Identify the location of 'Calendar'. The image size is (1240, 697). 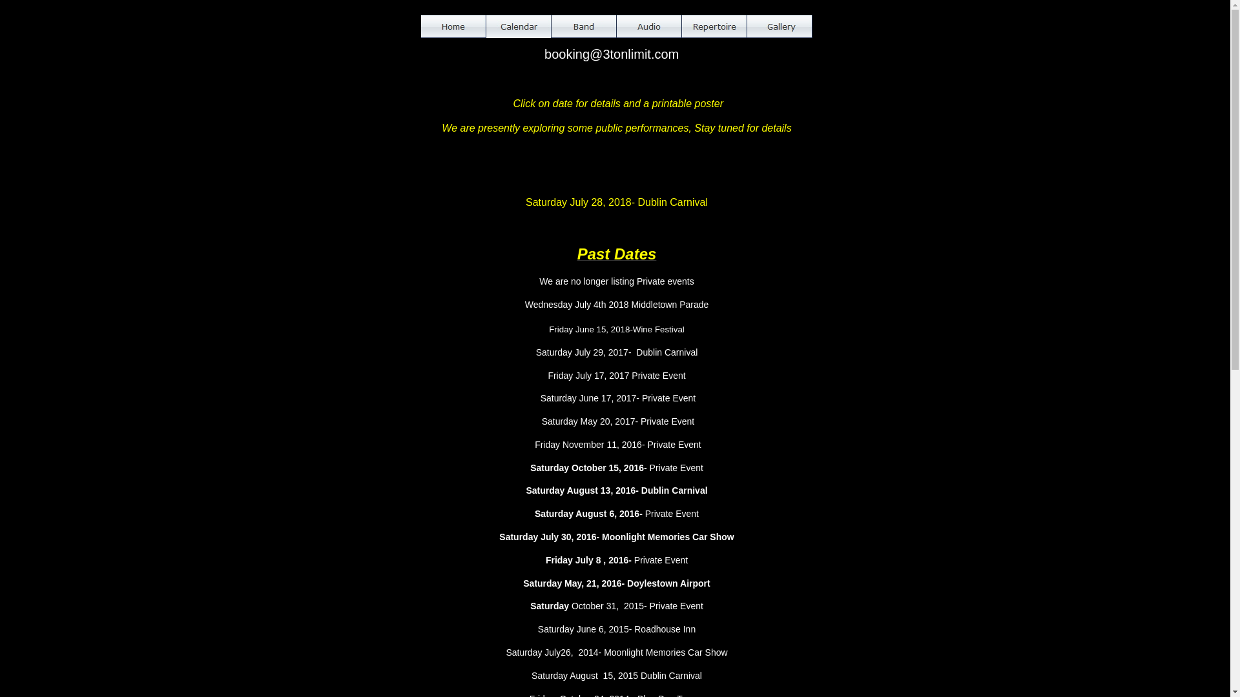
(518, 26).